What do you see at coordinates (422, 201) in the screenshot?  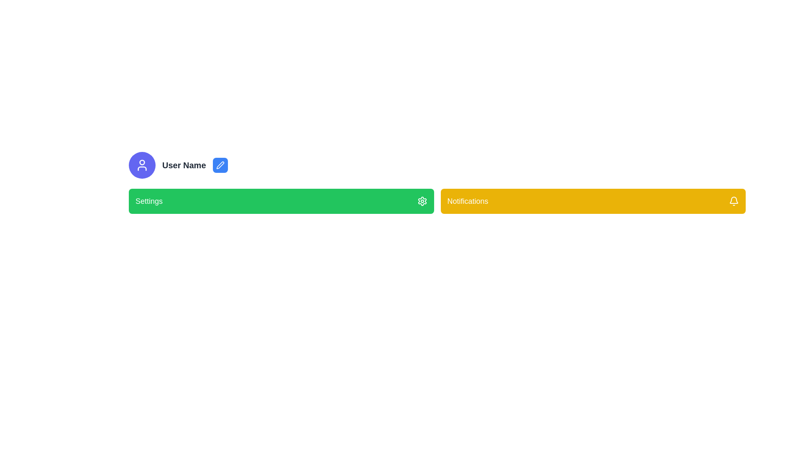 I see `the settings icon located to the right of the 'Settings' text label within the green button section` at bounding box center [422, 201].